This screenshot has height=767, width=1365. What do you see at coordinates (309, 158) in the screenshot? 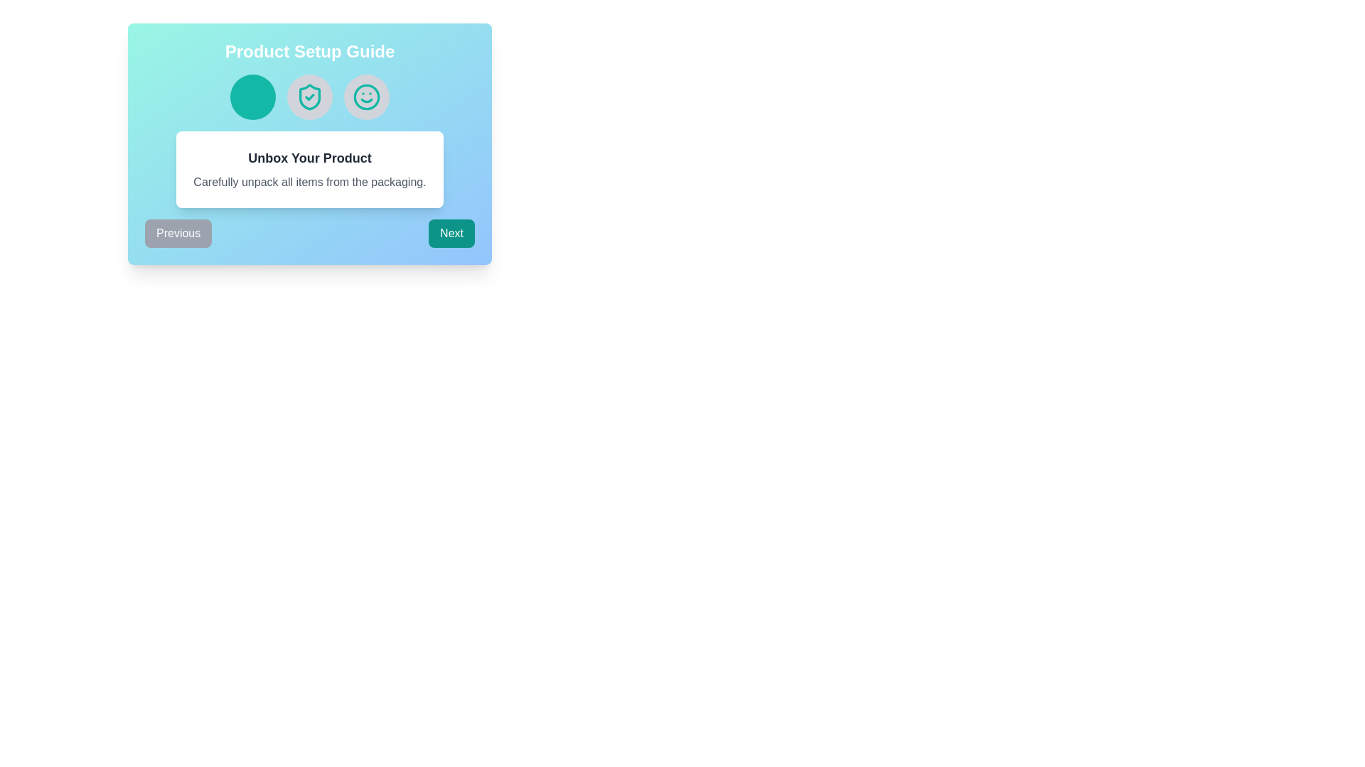
I see `the Text Label that serves as a heading` at bounding box center [309, 158].